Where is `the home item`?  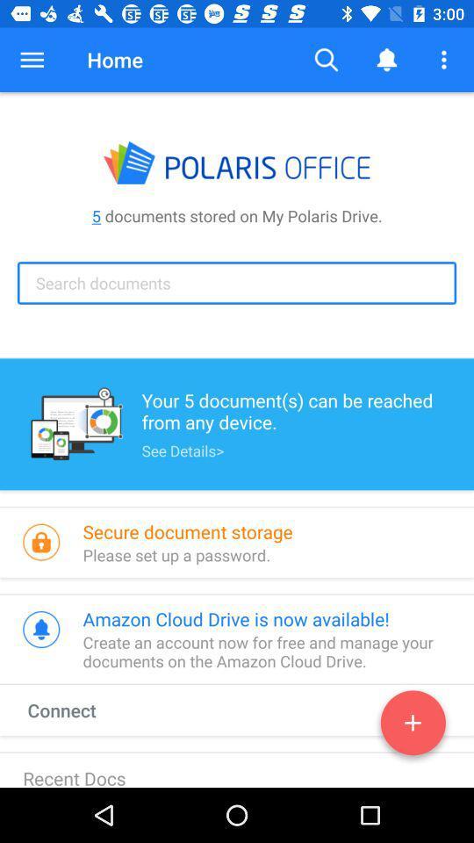
the home item is located at coordinates (115, 60).